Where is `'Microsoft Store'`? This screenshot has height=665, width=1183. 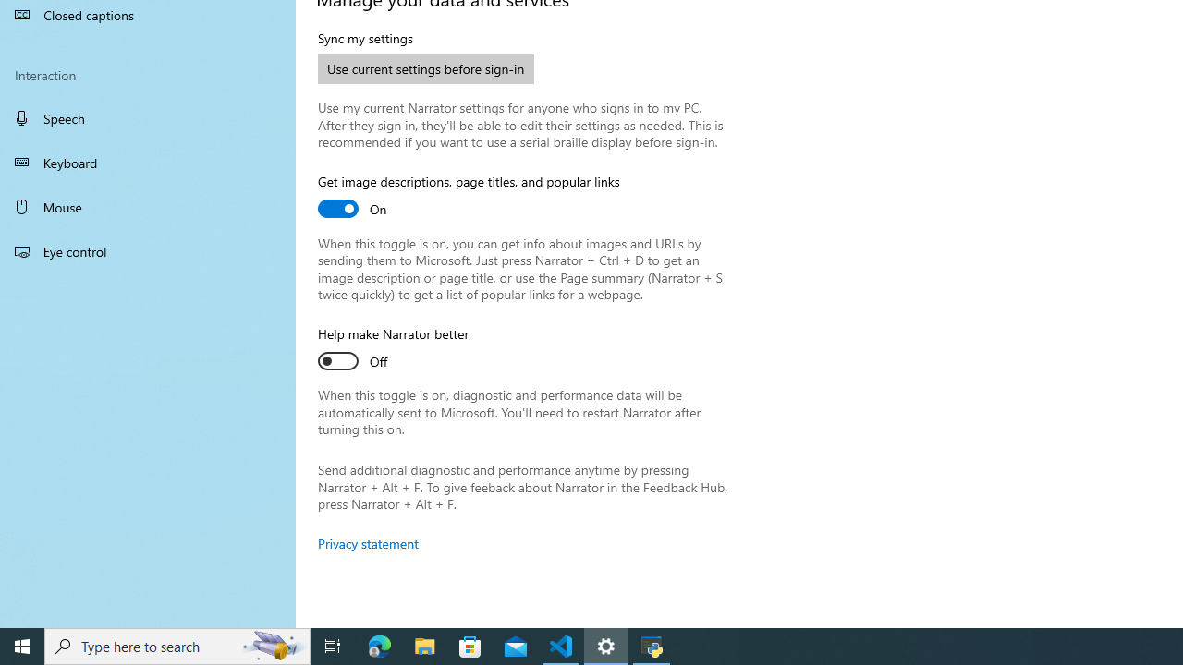 'Microsoft Store' is located at coordinates (470, 645).